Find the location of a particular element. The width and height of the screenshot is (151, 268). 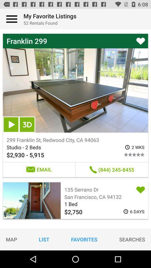

icon to the left of the list item is located at coordinates (11, 239).